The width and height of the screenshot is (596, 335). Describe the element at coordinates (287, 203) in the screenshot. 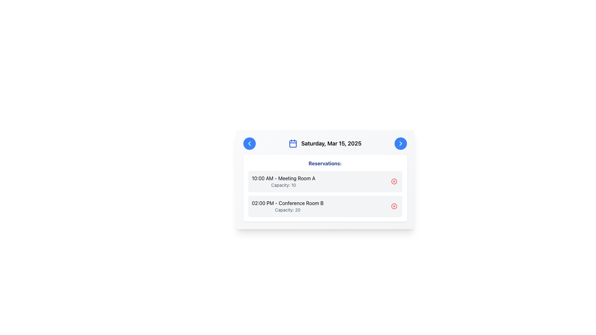

I see `the text label that presents scheduled time and location details for the second reservation item in the reservation list` at that location.